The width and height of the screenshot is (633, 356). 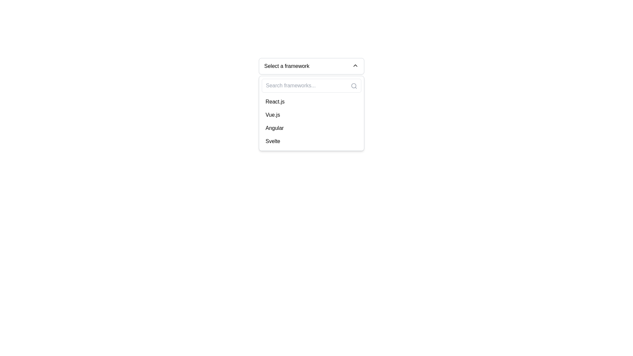 I want to click on the small gray search icon, which is an outline of a magnifying glass, located in the top-right corner of the search input box labeled 'Search frameworks...', so click(x=353, y=86).